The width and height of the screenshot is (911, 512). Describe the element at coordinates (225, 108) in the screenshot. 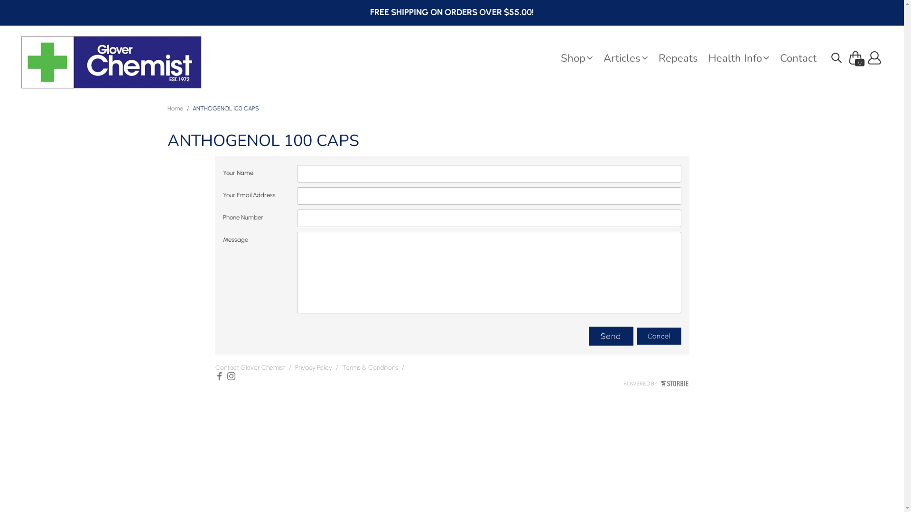

I see `'ANTHOGENOL 100 CAPS'` at that location.